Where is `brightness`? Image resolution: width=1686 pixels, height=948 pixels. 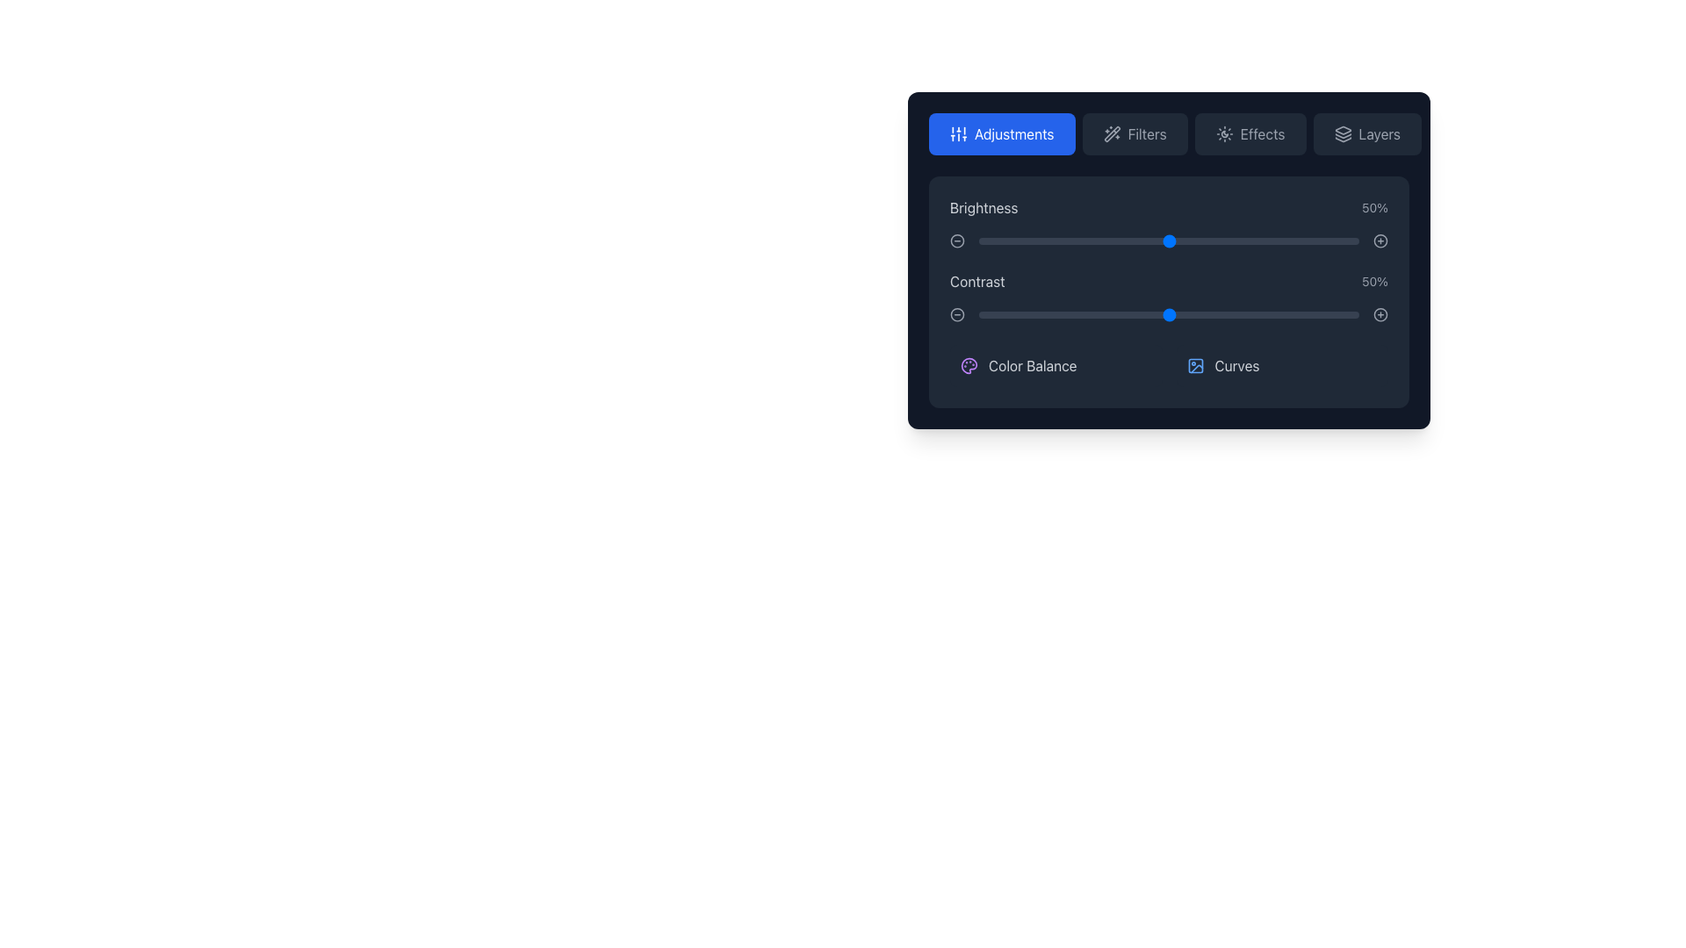 brightness is located at coordinates (1350, 241).